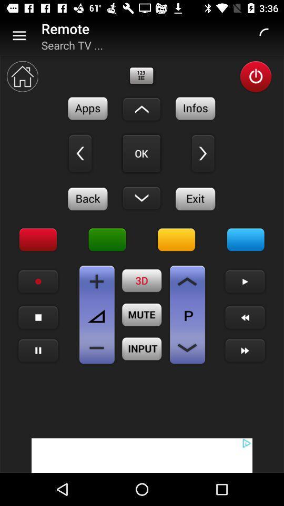 The height and width of the screenshot is (506, 284). I want to click on remote record button, so click(38, 281).